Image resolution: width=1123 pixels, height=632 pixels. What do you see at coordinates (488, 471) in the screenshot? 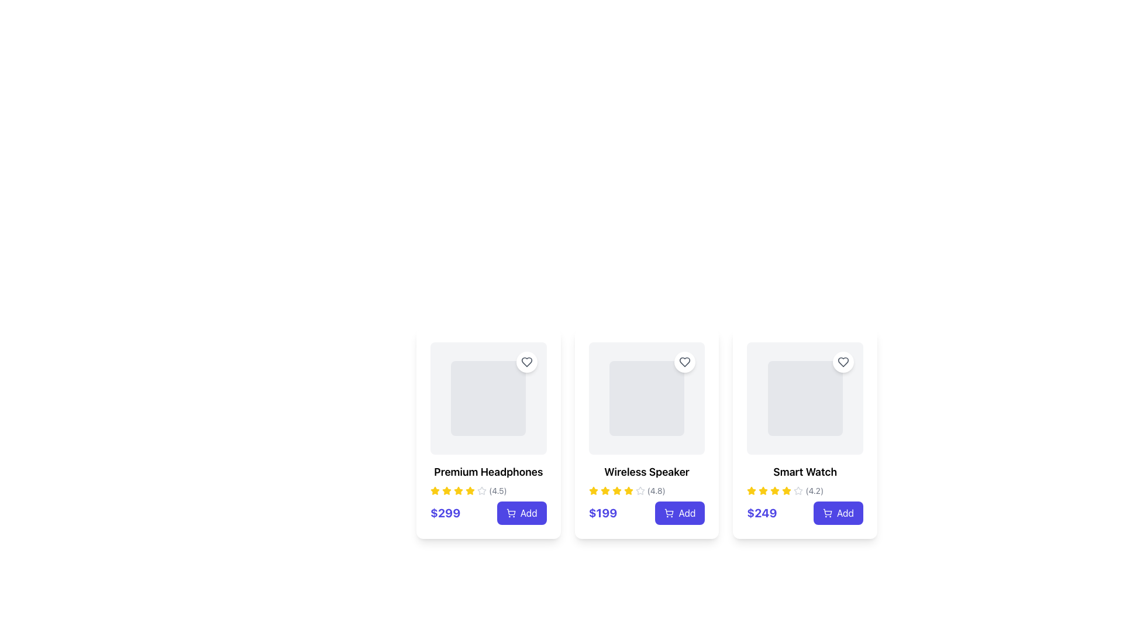
I see `the 'Premium Headphones' text label which serves as the title for the product, centrally located within the product details card` at bounding box center [488, 471].